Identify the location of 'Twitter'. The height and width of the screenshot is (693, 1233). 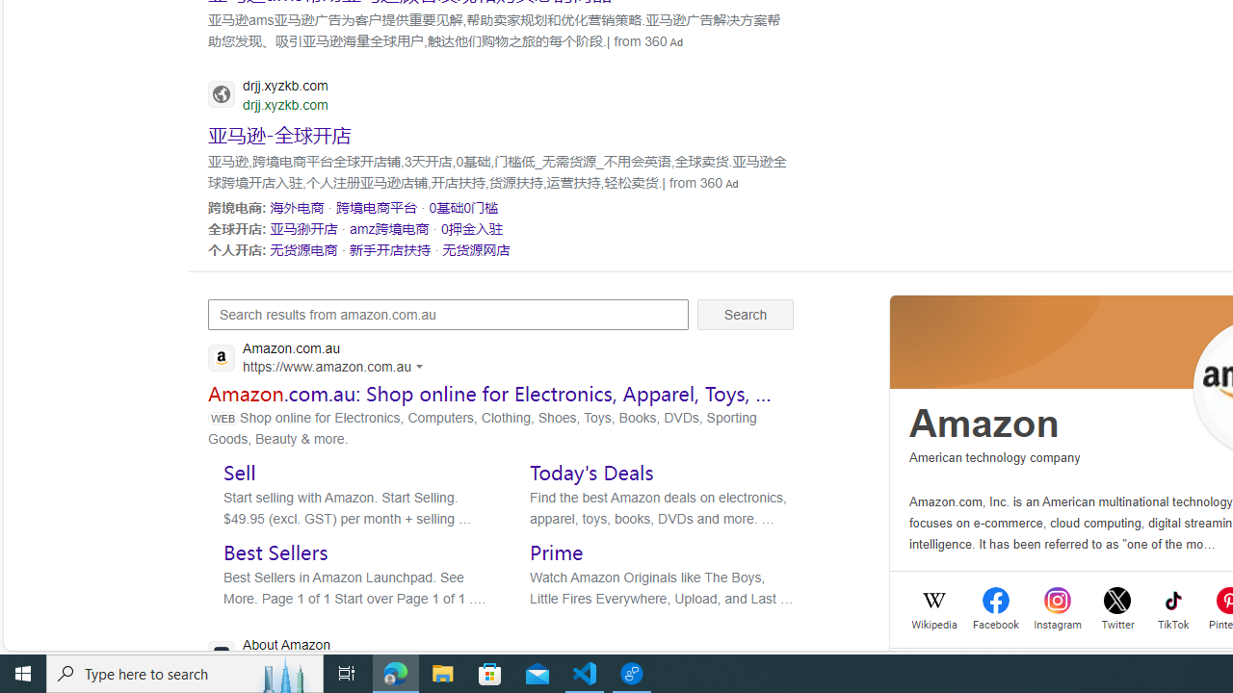
(1117, 623).